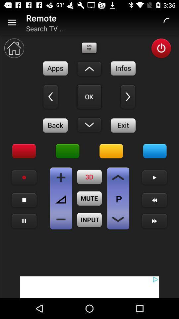 Image resolution: width=179 pixels, height=319 pixels. What do you see at coordinates (61, 219) in the screenshot?
I see `volume down button` at bounding box center [61, 219].